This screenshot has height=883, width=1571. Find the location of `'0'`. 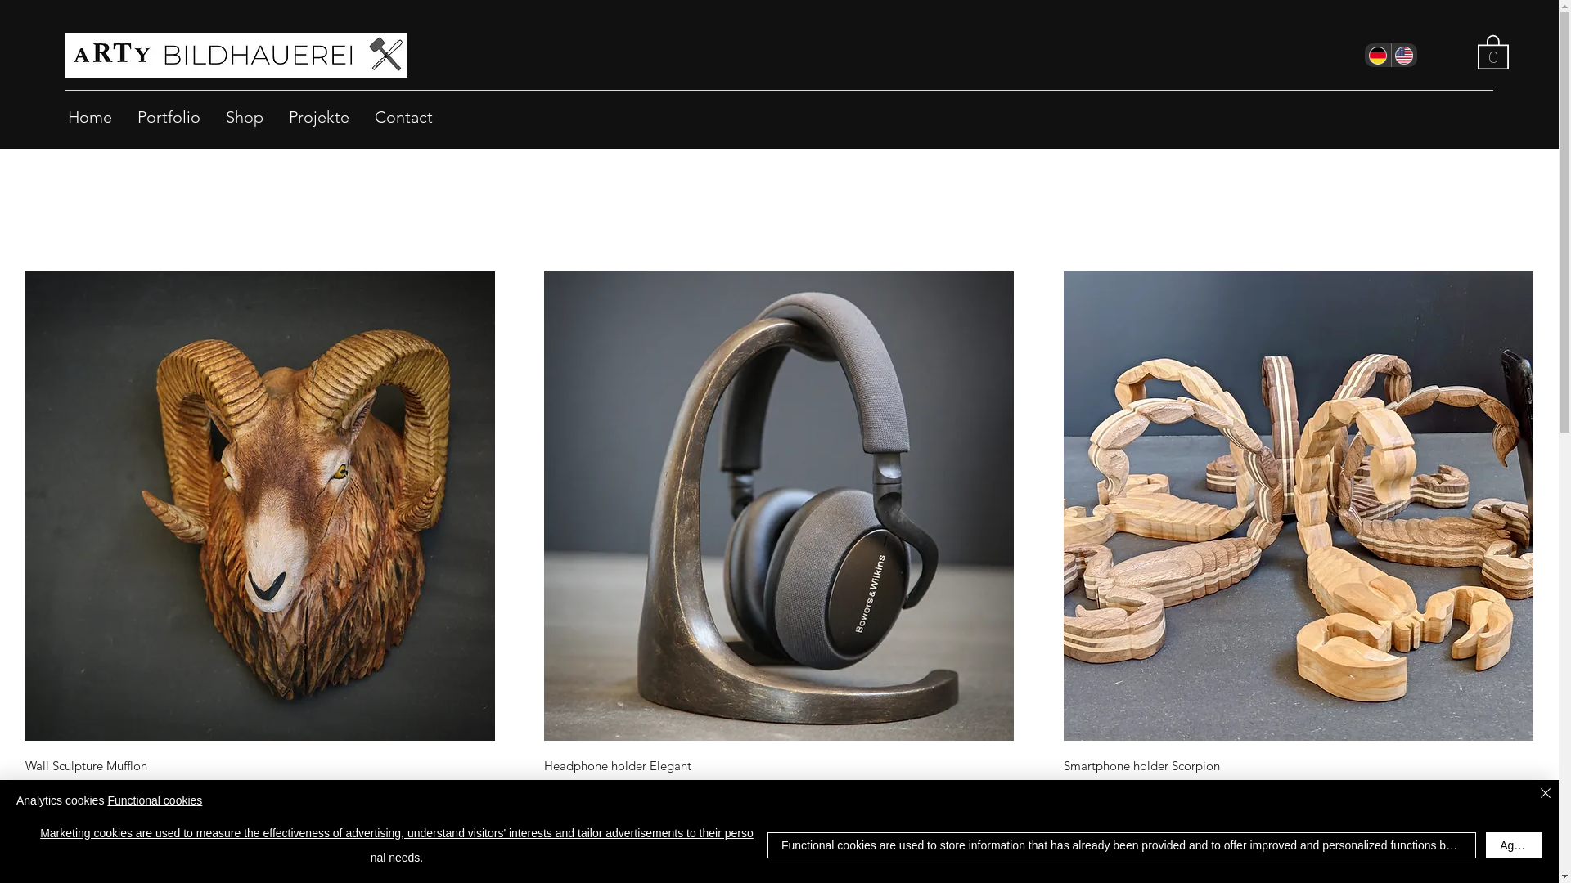

'0' is located at coordinates (1492, 50).